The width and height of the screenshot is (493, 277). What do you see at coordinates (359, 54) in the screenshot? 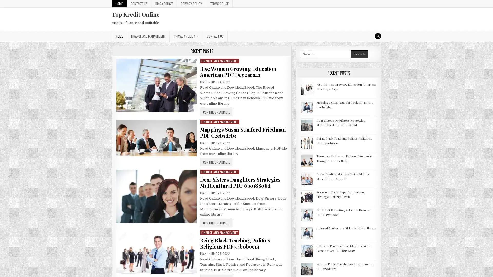
I see `Search` at bounding box center [359, 54].